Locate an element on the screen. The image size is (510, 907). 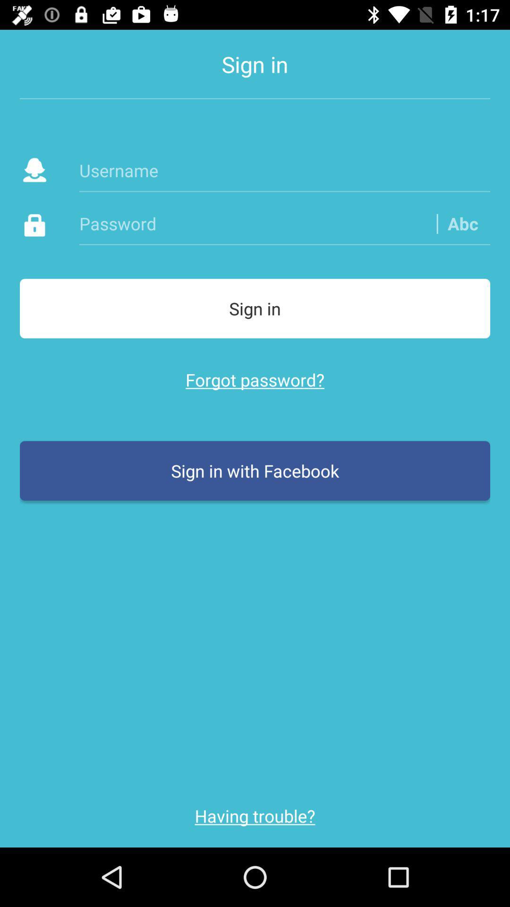
the abc is located at coordinates (462, 223).